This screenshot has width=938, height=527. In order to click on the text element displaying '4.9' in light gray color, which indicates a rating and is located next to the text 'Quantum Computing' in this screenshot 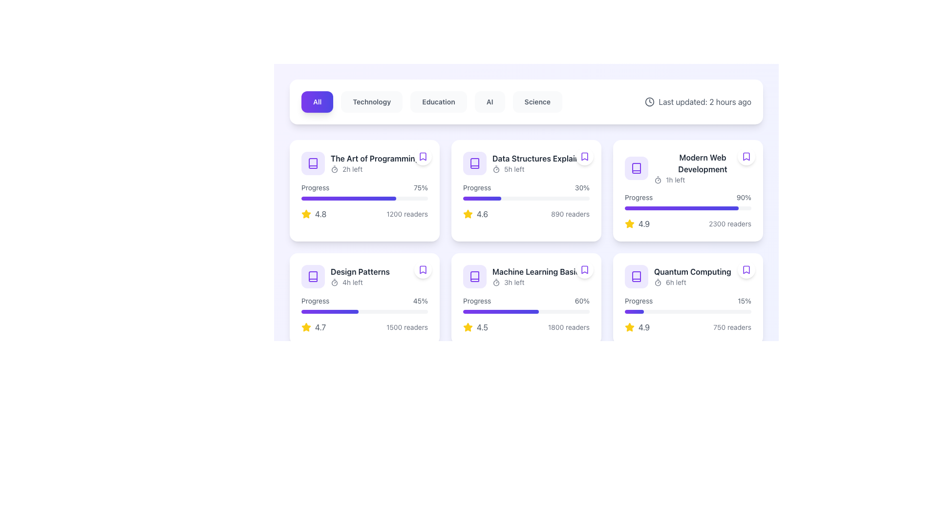, I will do `click(644, 327)`.